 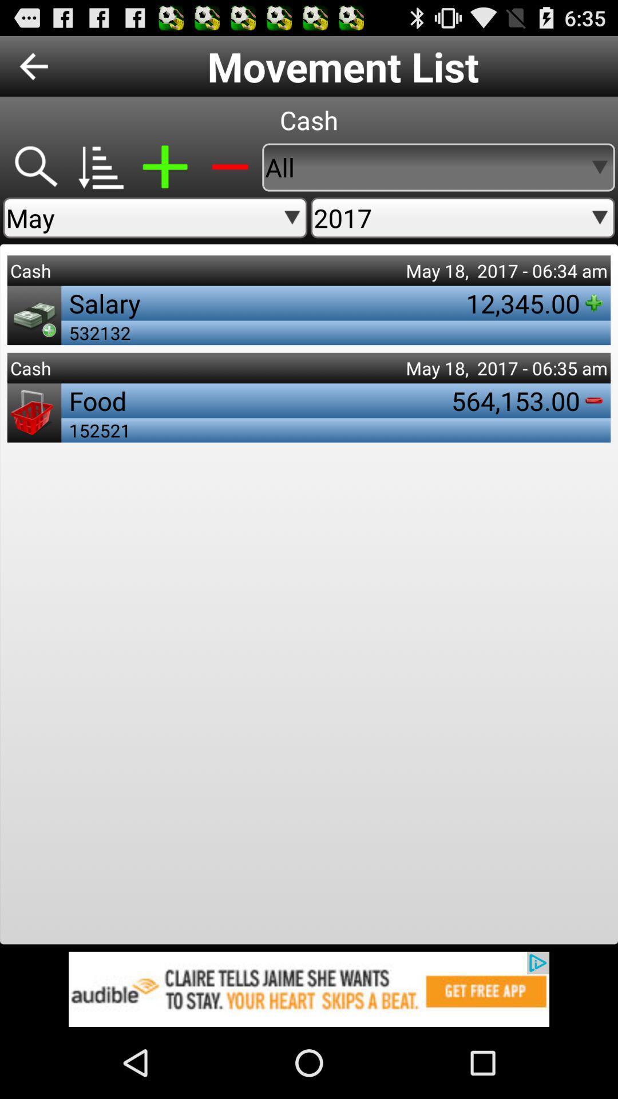 I want to click on an green plus icon that pulls another menu, so click(x=165, y=167).